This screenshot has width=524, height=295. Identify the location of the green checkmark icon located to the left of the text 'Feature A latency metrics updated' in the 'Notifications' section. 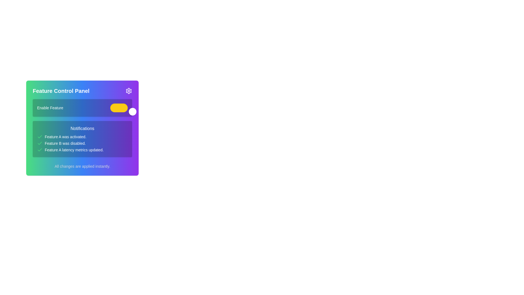
(39, 150).